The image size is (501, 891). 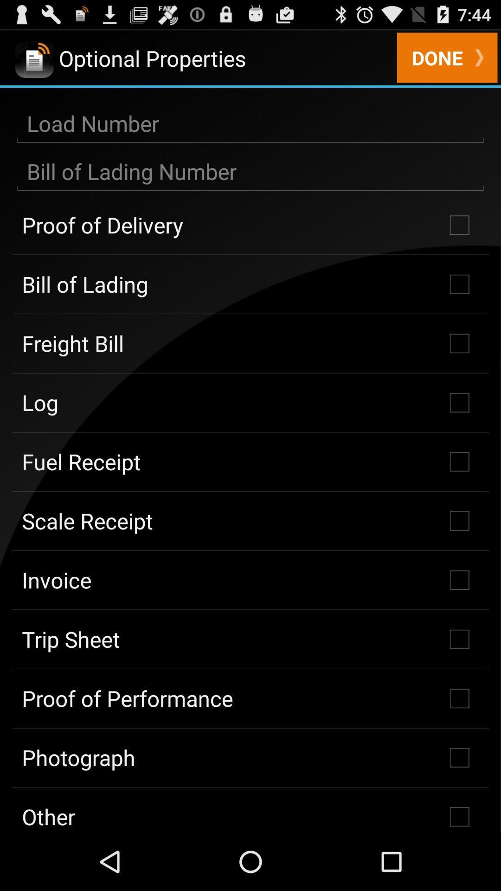 I want to click on the trip sheet icon, so click(x=250, y=639).